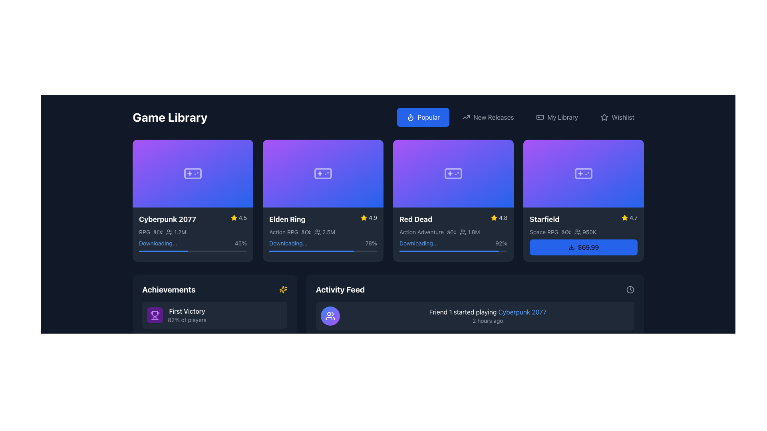 The width and height of the screenshot is (767, 431). What do you see at coordinates (364, 217) in the screenshot?
I see `the star-shaped icon filled with yellow color that represents a rating component, located at the top-left corner of the card labeled 'Elden Ring'` at bounding box center [364, 217].